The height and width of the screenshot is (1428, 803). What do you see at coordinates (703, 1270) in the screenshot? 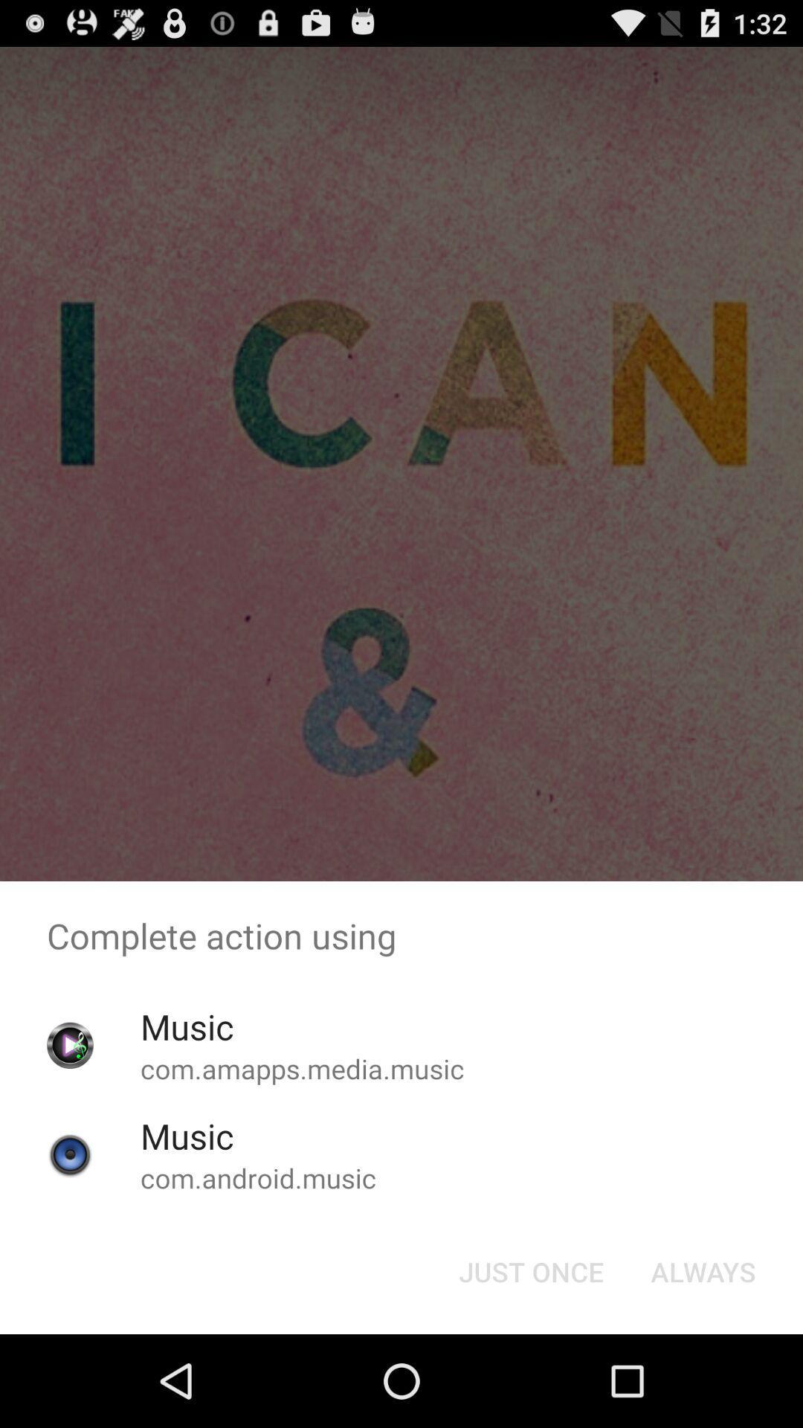
I see `the always button` at bounding box center [703, 1270].